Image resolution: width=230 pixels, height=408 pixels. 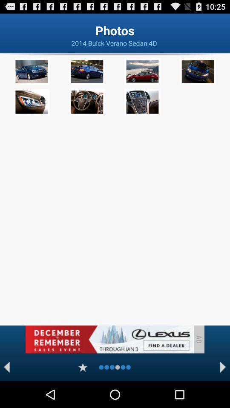 What do you see at coordinates (83, 367) in the screenshot?
I see `set as favorite` at bounding box center [83, 367].